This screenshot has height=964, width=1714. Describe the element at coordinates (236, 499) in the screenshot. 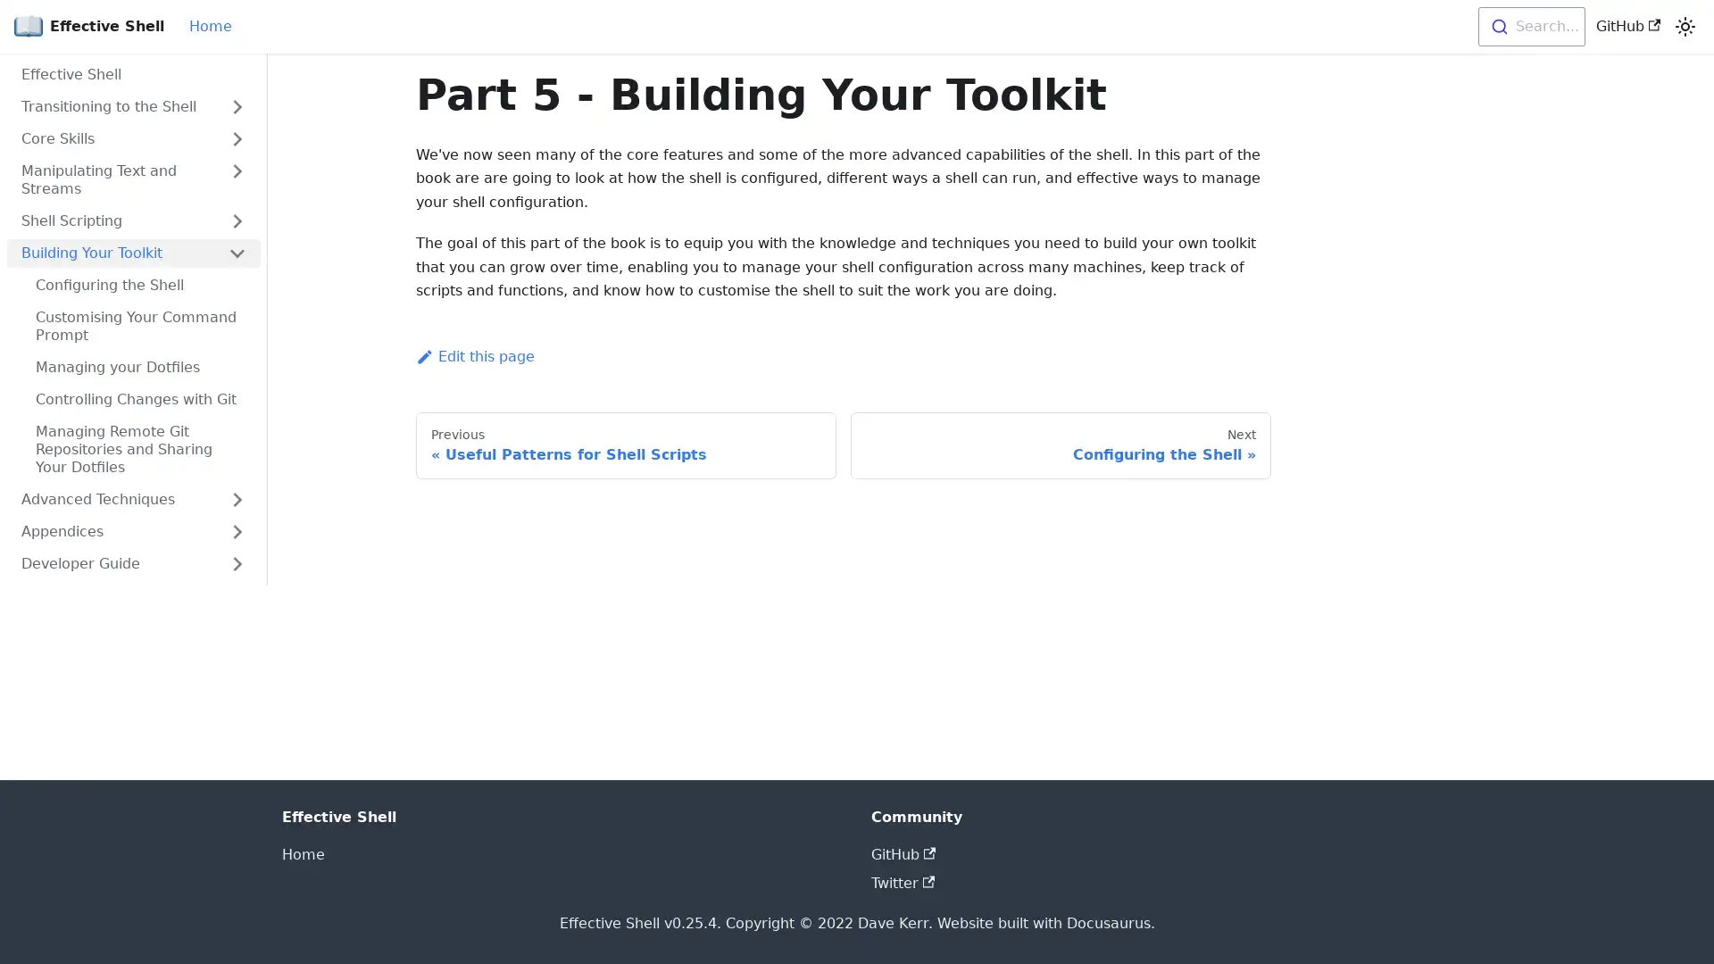

I see `Toggle the collapsible sidebar category 'Advanced Techniques'` at that location.